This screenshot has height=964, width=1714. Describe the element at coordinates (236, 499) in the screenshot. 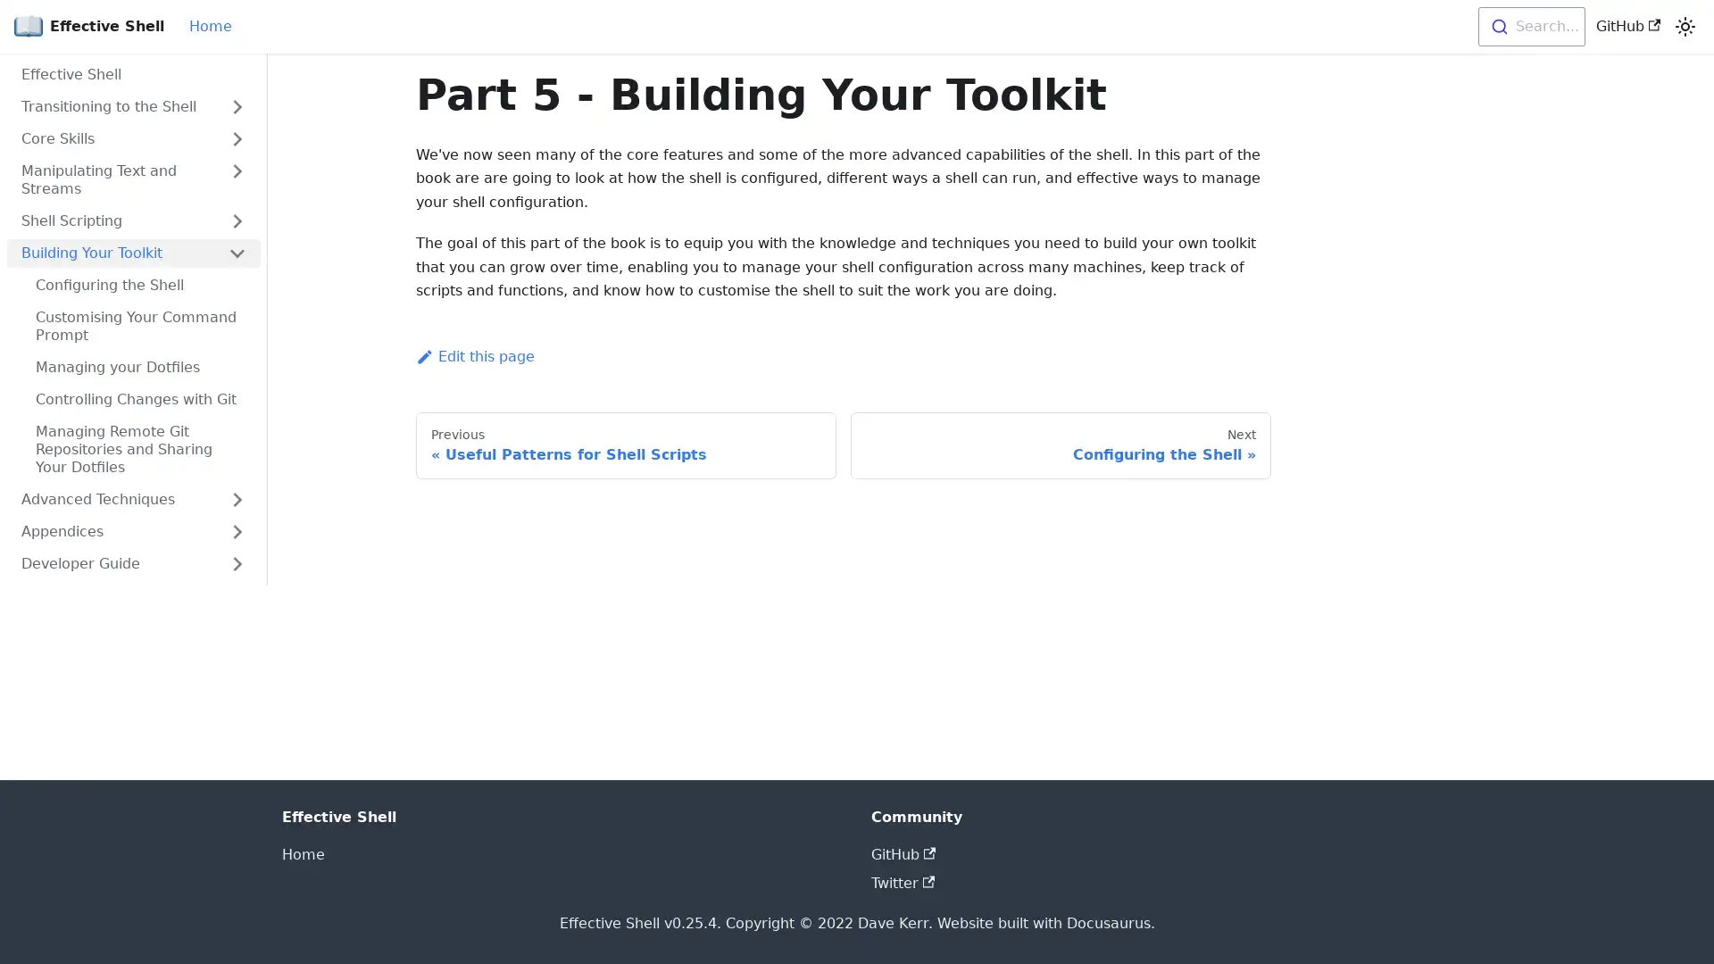

I see `Toggle the collapsible sidebar category 'Advanced Techniques'` at that location.